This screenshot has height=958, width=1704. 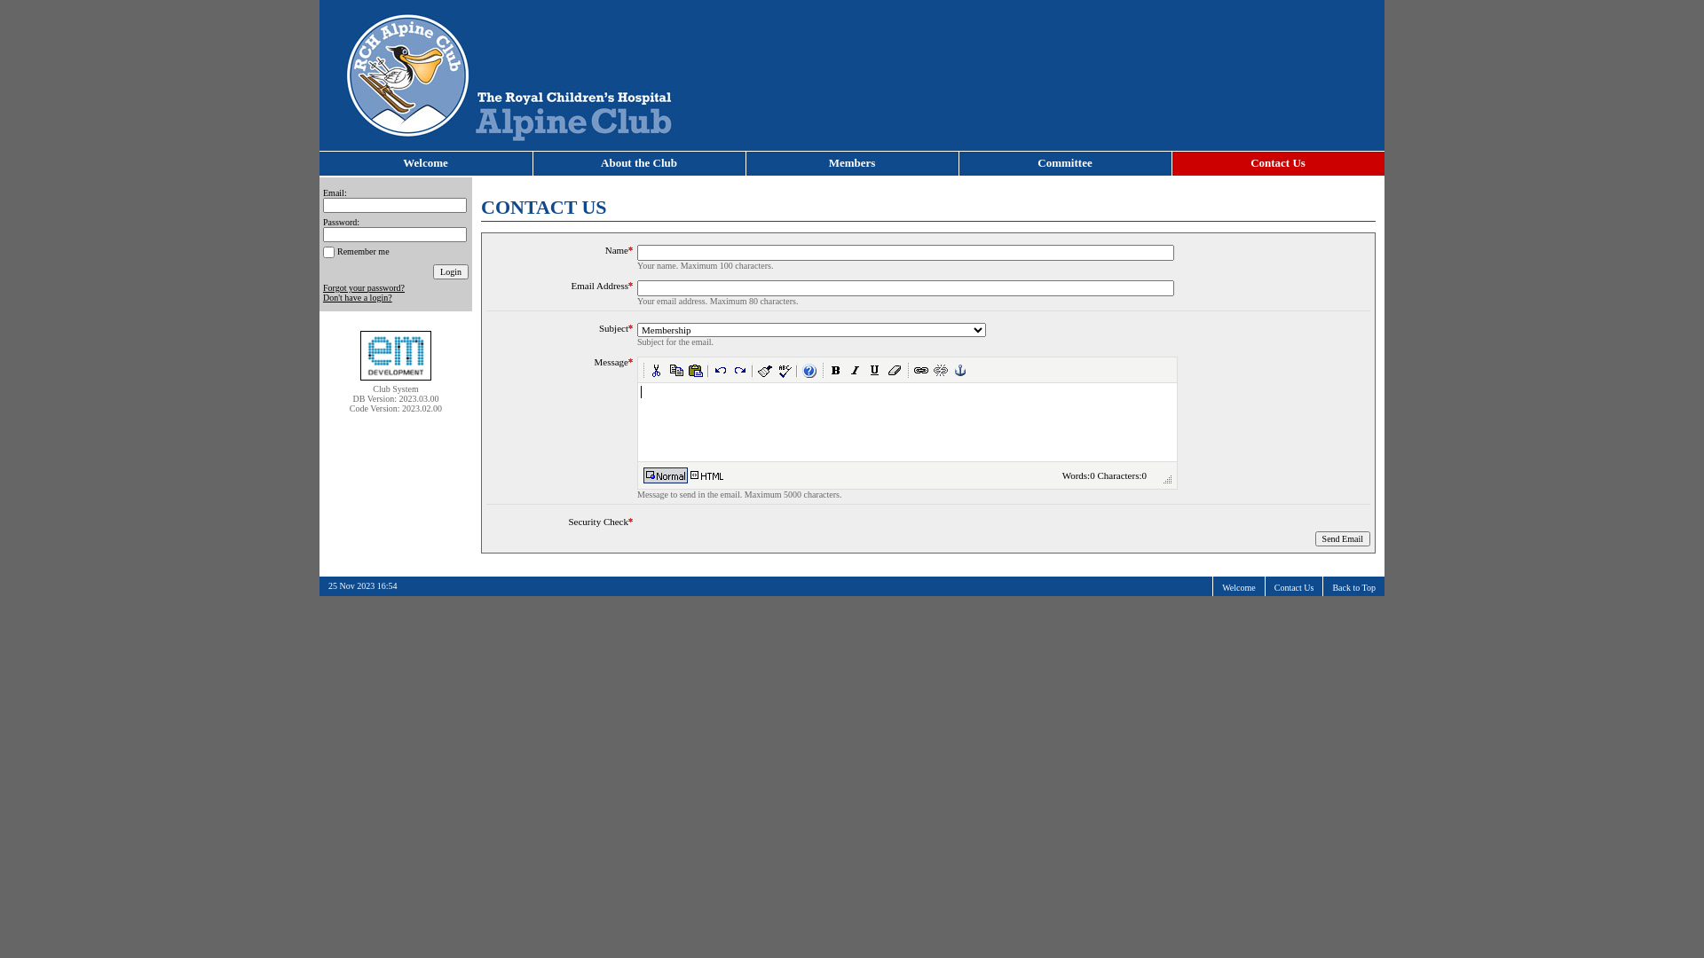 What do you see at coordinates (1353, 587) in the screenshot?
I see `'Back to Top'` at bounding box center [1353, 587].